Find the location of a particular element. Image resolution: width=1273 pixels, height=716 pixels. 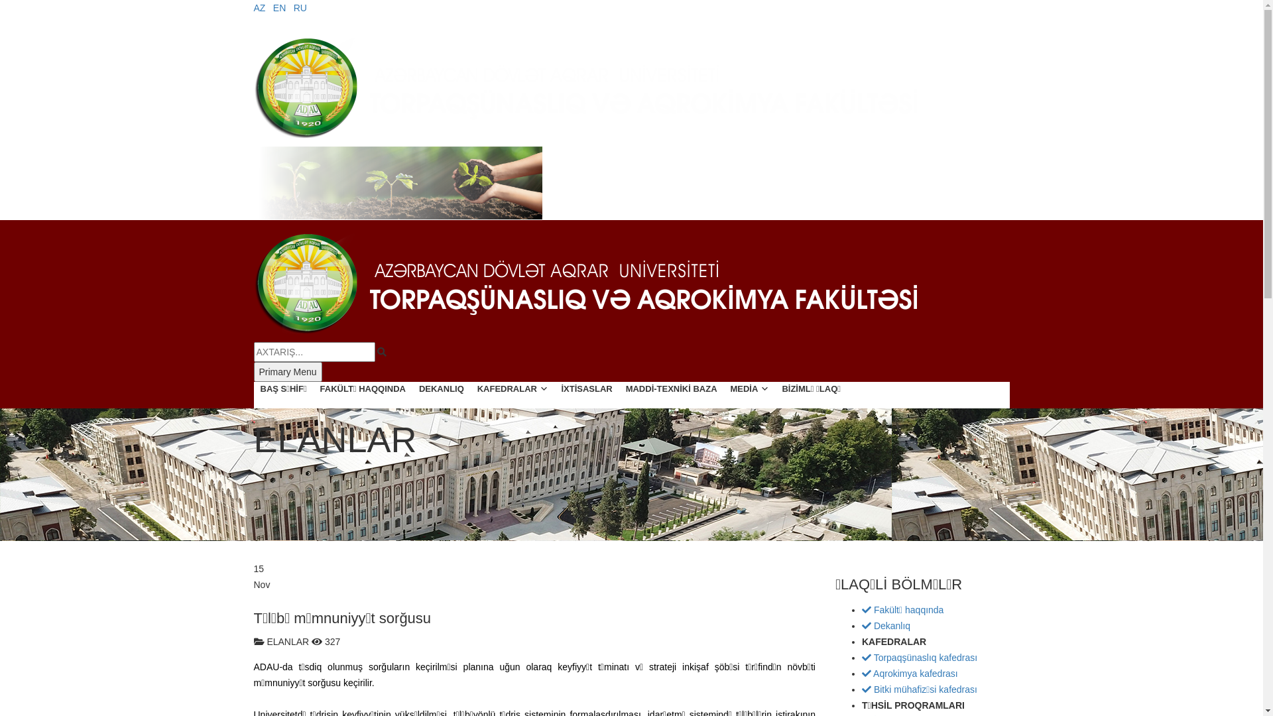

'EN' is located at coordinates (280, 7).